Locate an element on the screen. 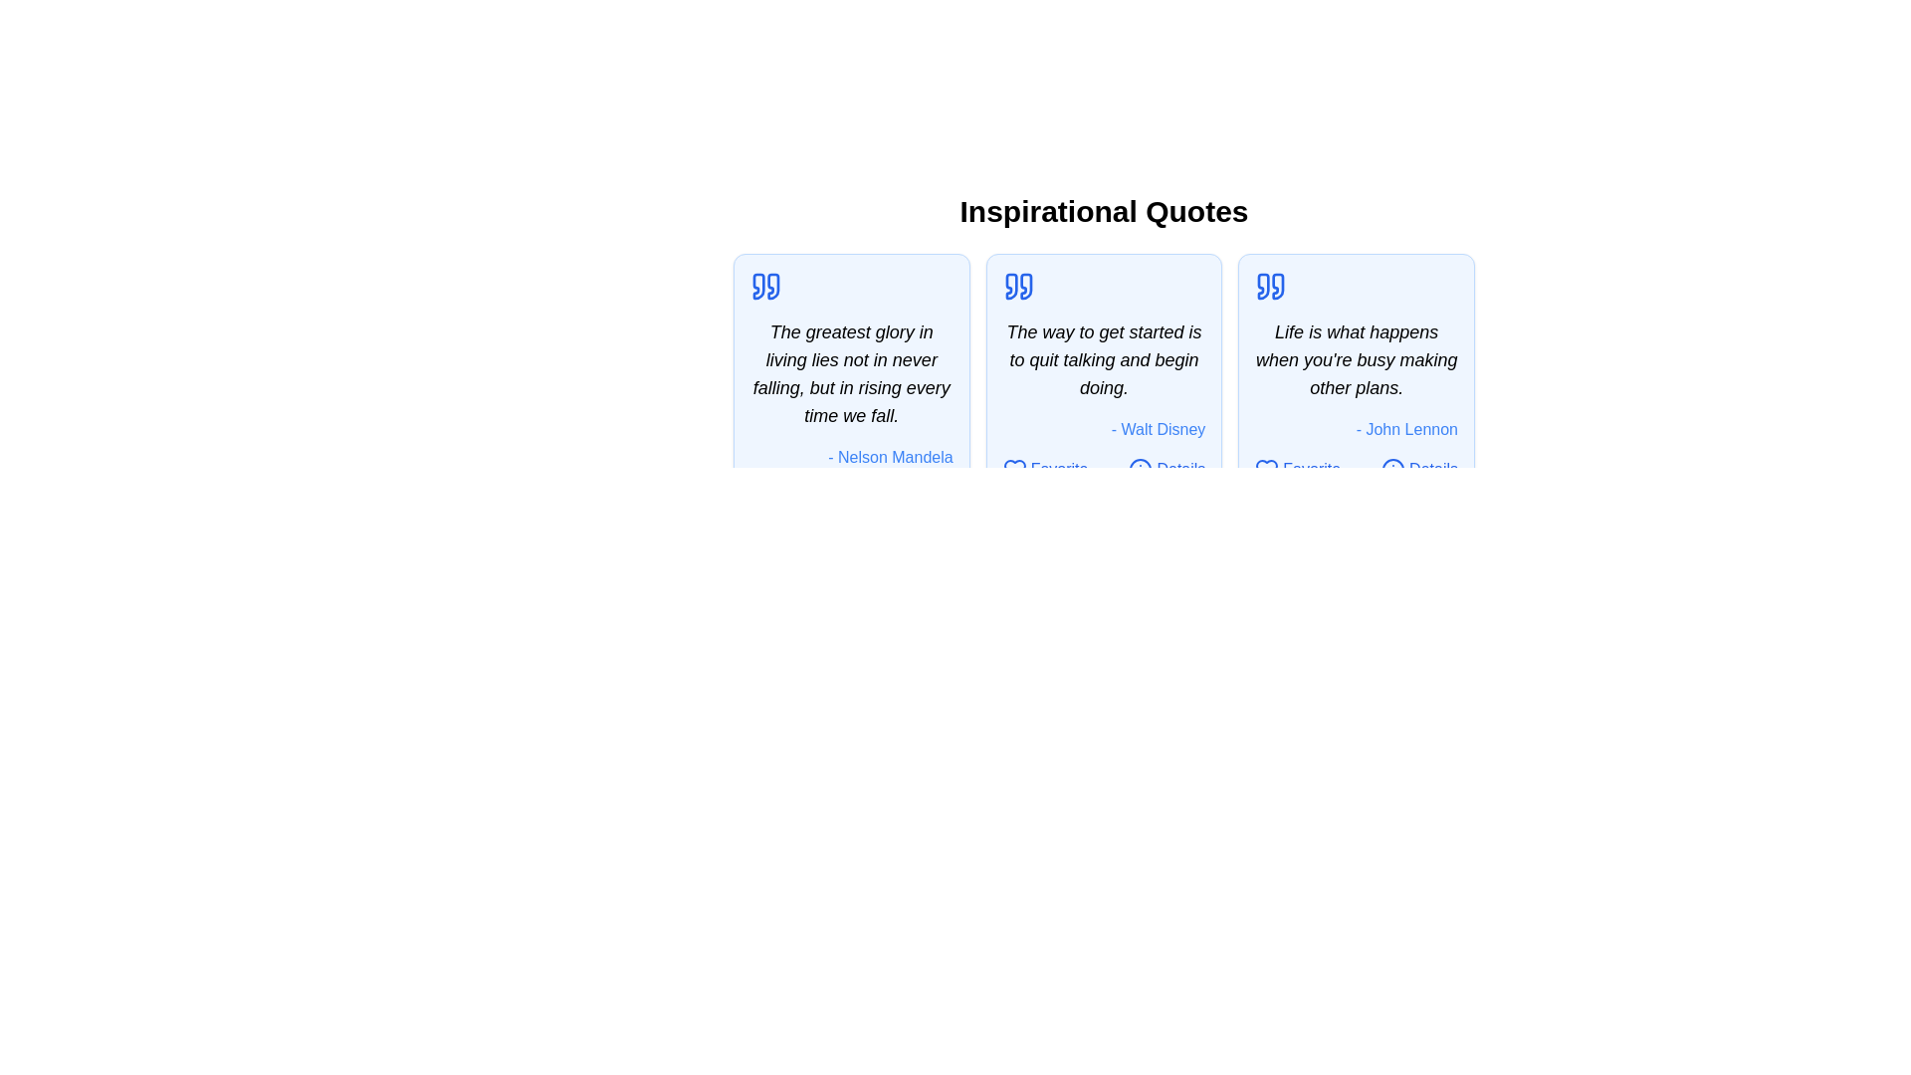  the 'Details' link is located at coordinates (1418, 469).